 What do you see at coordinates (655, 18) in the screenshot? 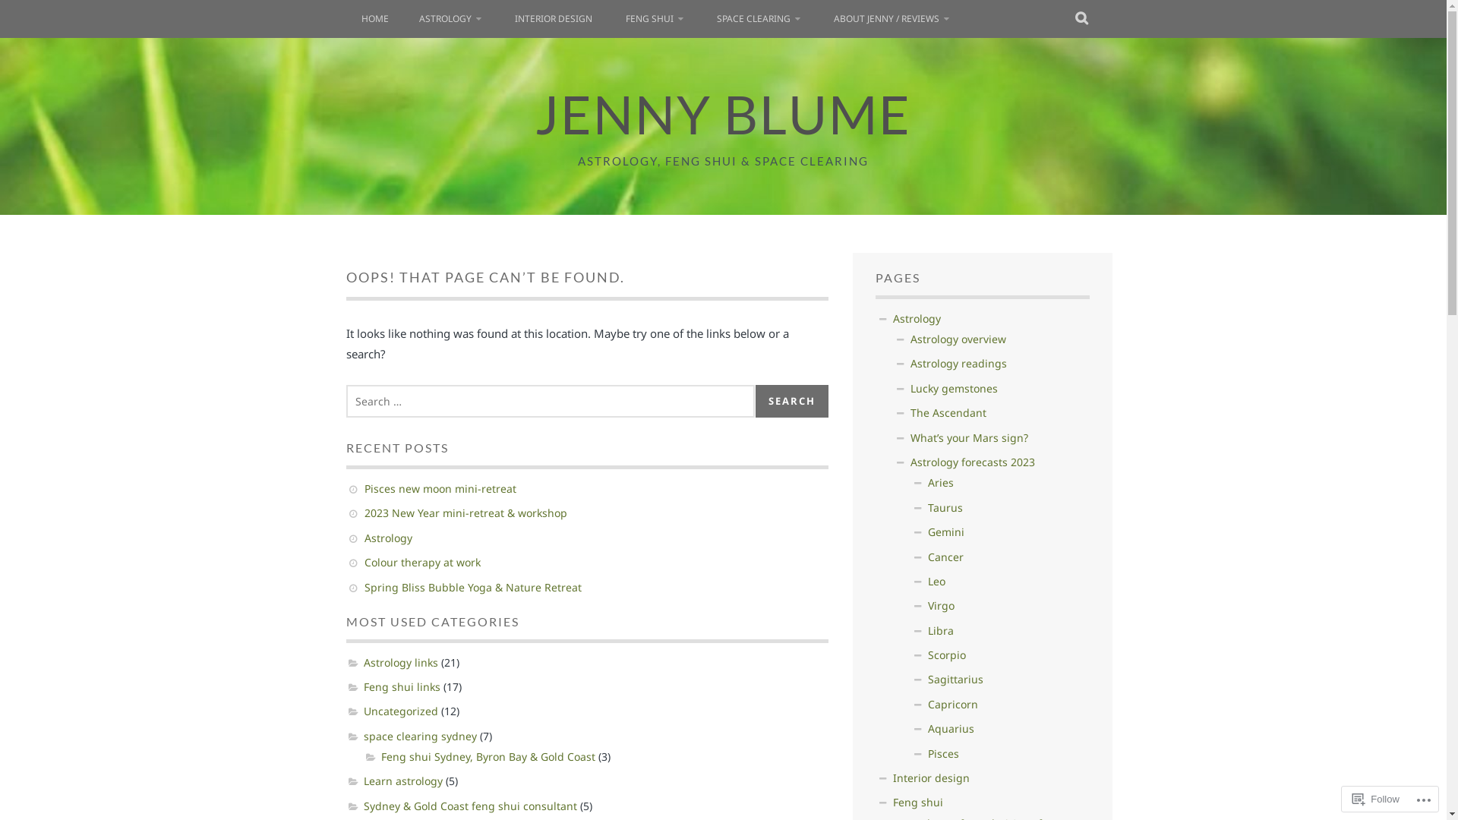
I see `'FENG SHUI'` at bounding box center [655, 18].